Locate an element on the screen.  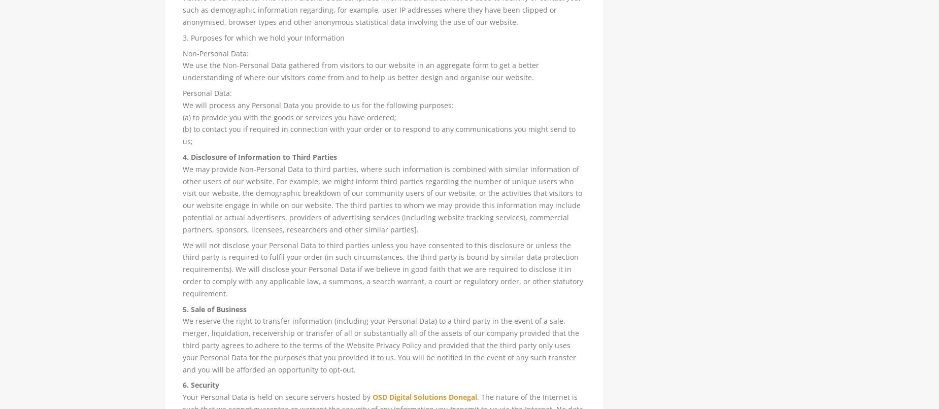
'6. Security' is located at coordinates (199, 384).